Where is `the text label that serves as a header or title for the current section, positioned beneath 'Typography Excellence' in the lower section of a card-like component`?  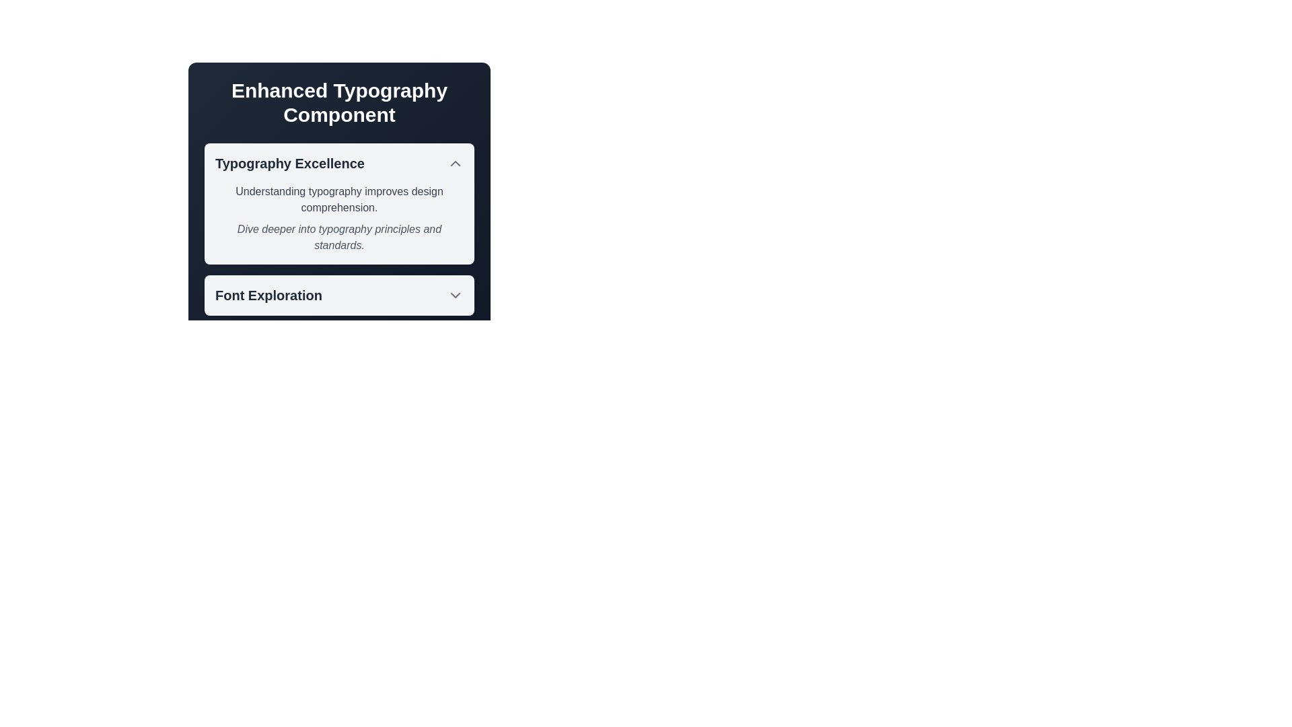 the text label that serves as a header or title for the current section, positioned beneath 'Typography Excellence' in the lower section of a card-like component is located at coordinates (268, 295).